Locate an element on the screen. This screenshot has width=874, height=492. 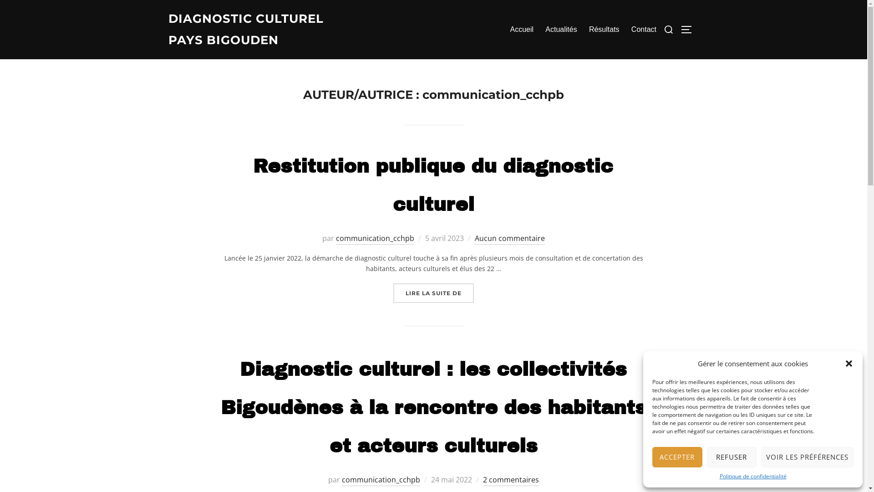
'Aucun commentaire' is located at coordinates (509, 238).